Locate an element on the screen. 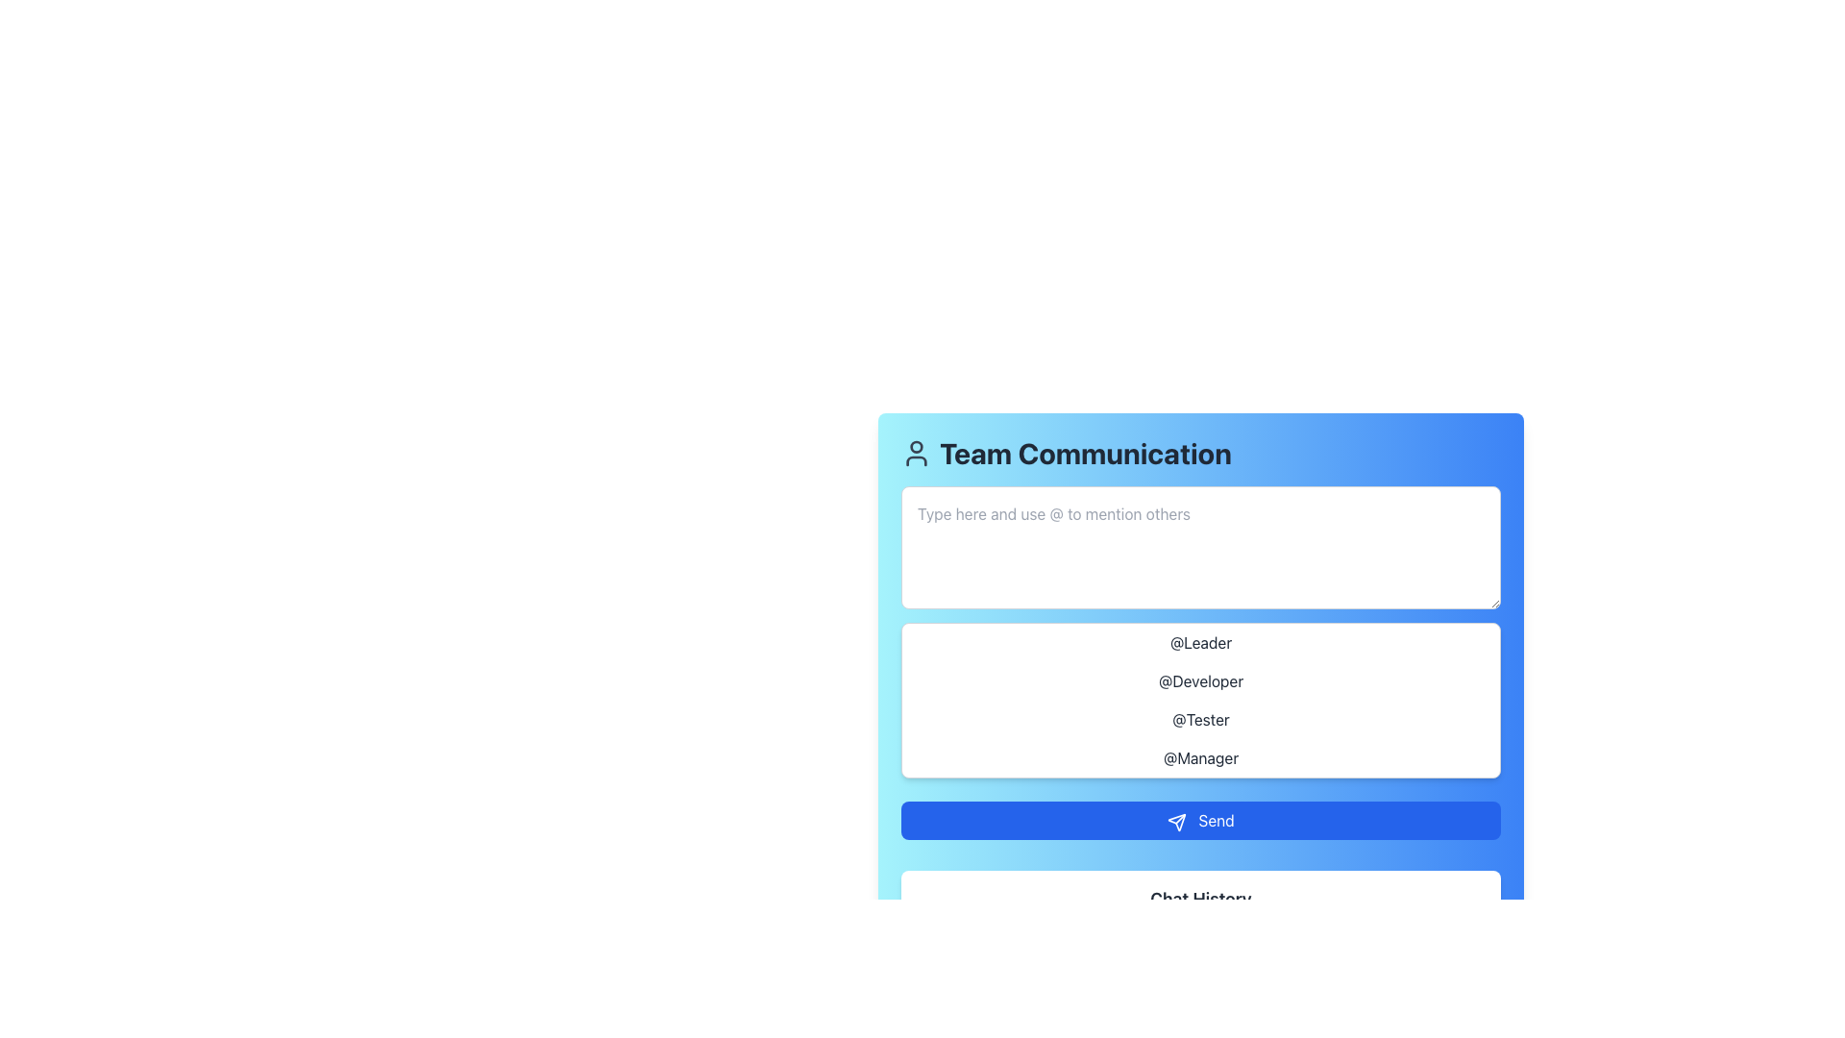 The image size is (1845, 1038). the decorative icon located to the left of the 'Team Communication' title, which serves to enhance contextual understanding of this section is located at coordinates (916, 453).